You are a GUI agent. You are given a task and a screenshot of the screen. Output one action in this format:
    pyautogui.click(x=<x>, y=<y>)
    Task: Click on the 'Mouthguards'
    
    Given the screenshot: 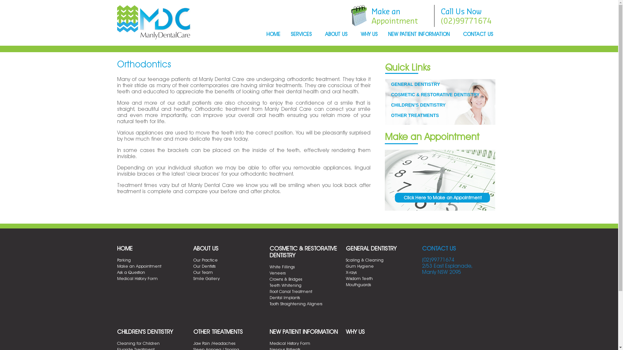 What is the action you would take?
    pyautogui.click(x=358, y=284)
    